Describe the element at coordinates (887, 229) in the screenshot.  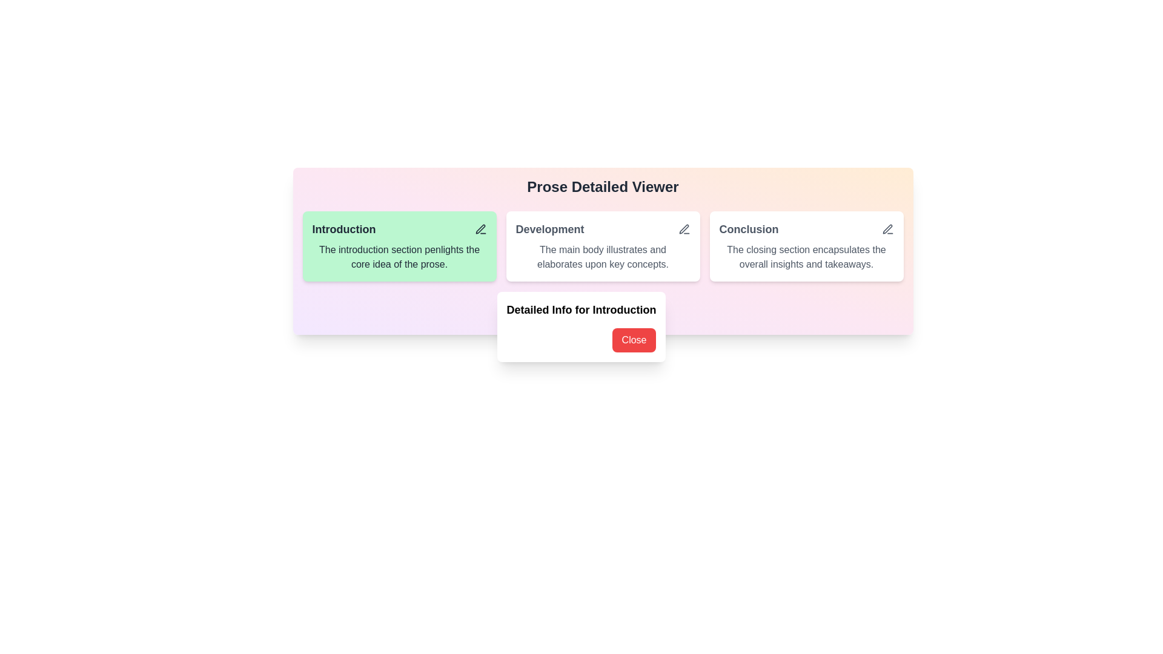
I see `the edit icon located at the top-right corner of the 'Conclusion' section` at that location.